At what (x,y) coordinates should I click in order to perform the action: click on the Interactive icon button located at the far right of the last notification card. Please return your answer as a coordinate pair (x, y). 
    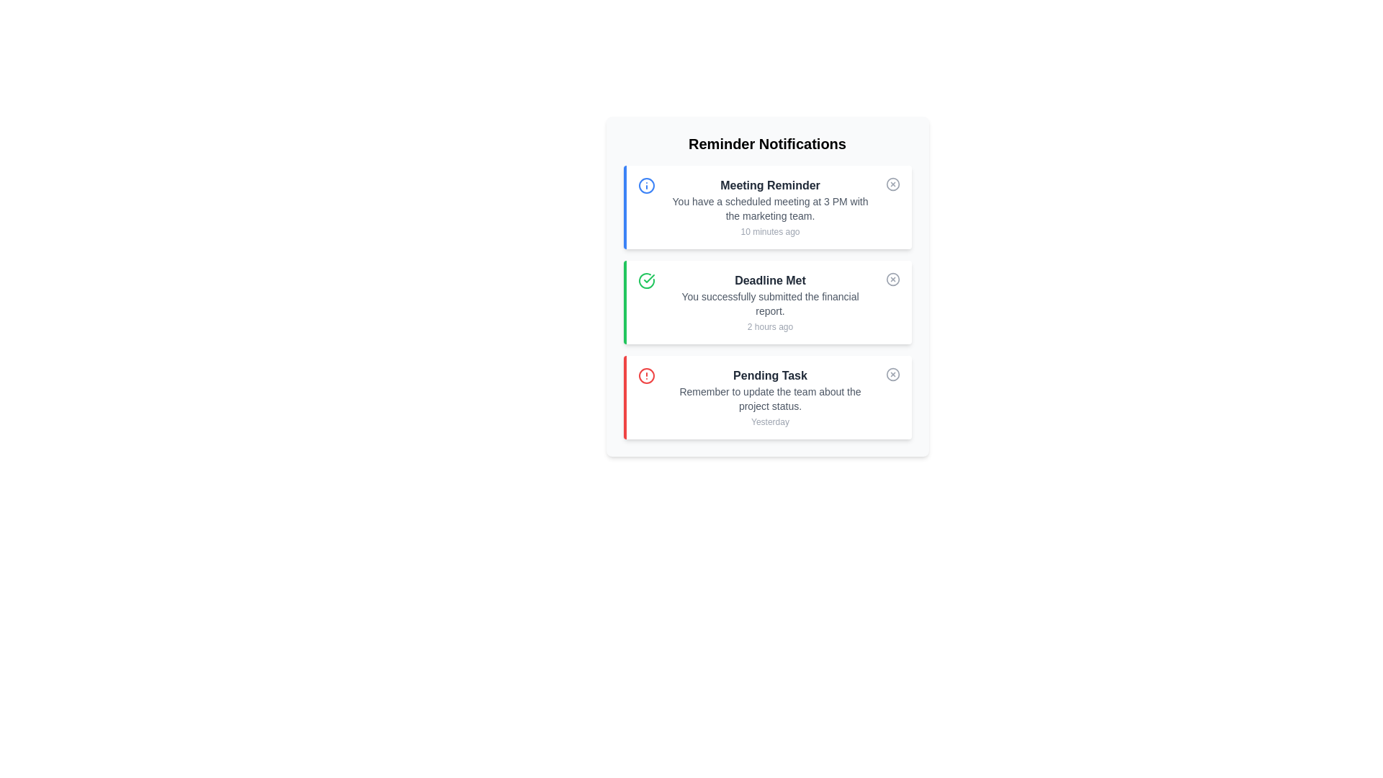
    Looking at the image, I should click on (892, 374).